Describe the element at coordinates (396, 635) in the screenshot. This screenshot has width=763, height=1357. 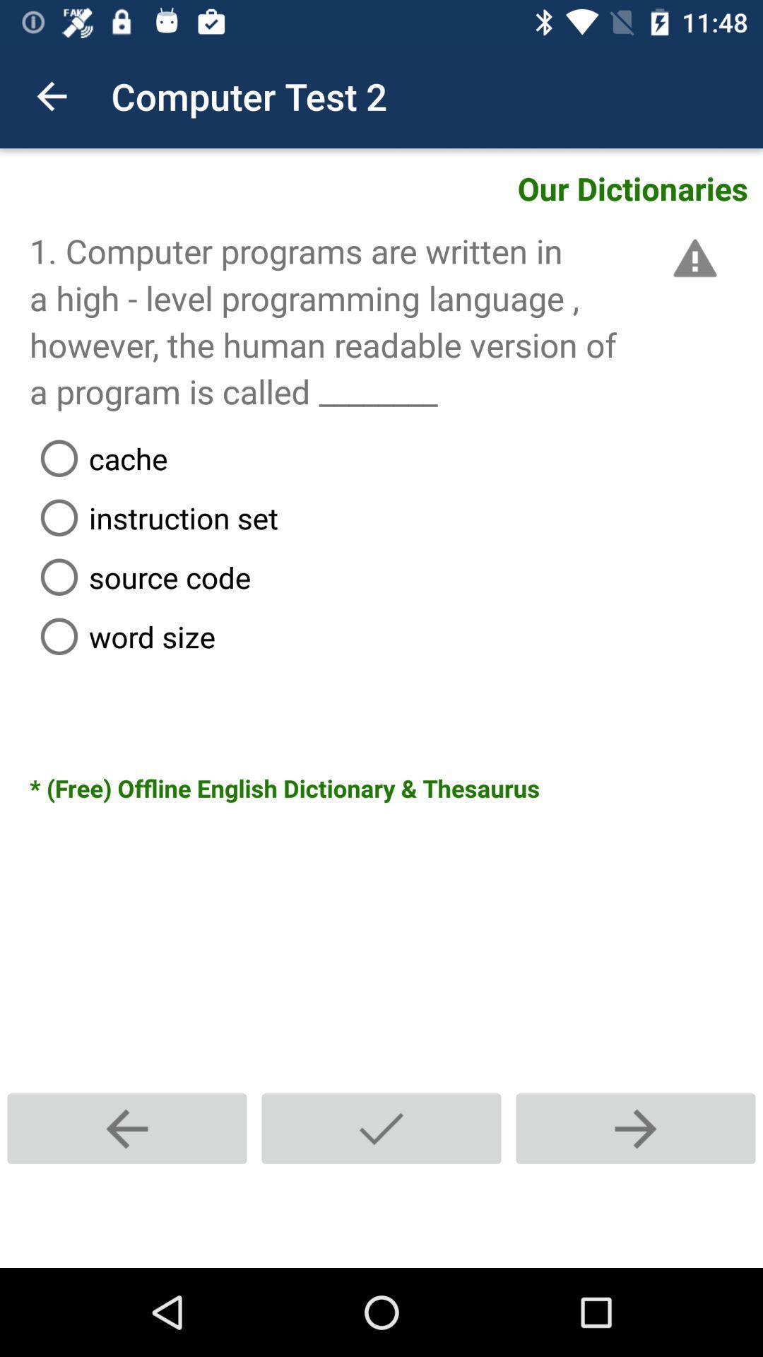
I see `the item above the free offline english icon` at that location.